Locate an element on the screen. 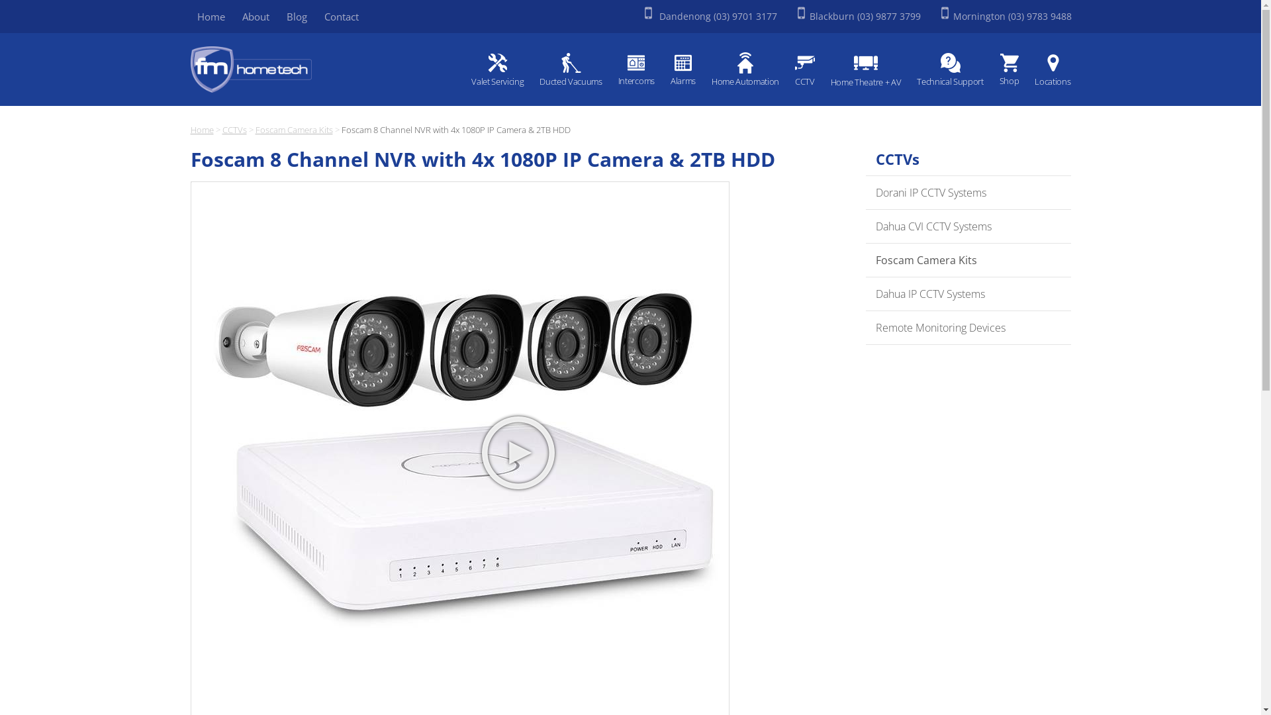 The width and height of the screenshot is (1271, 715). 'Valet Servicing' is located at coordinates (496, 71).